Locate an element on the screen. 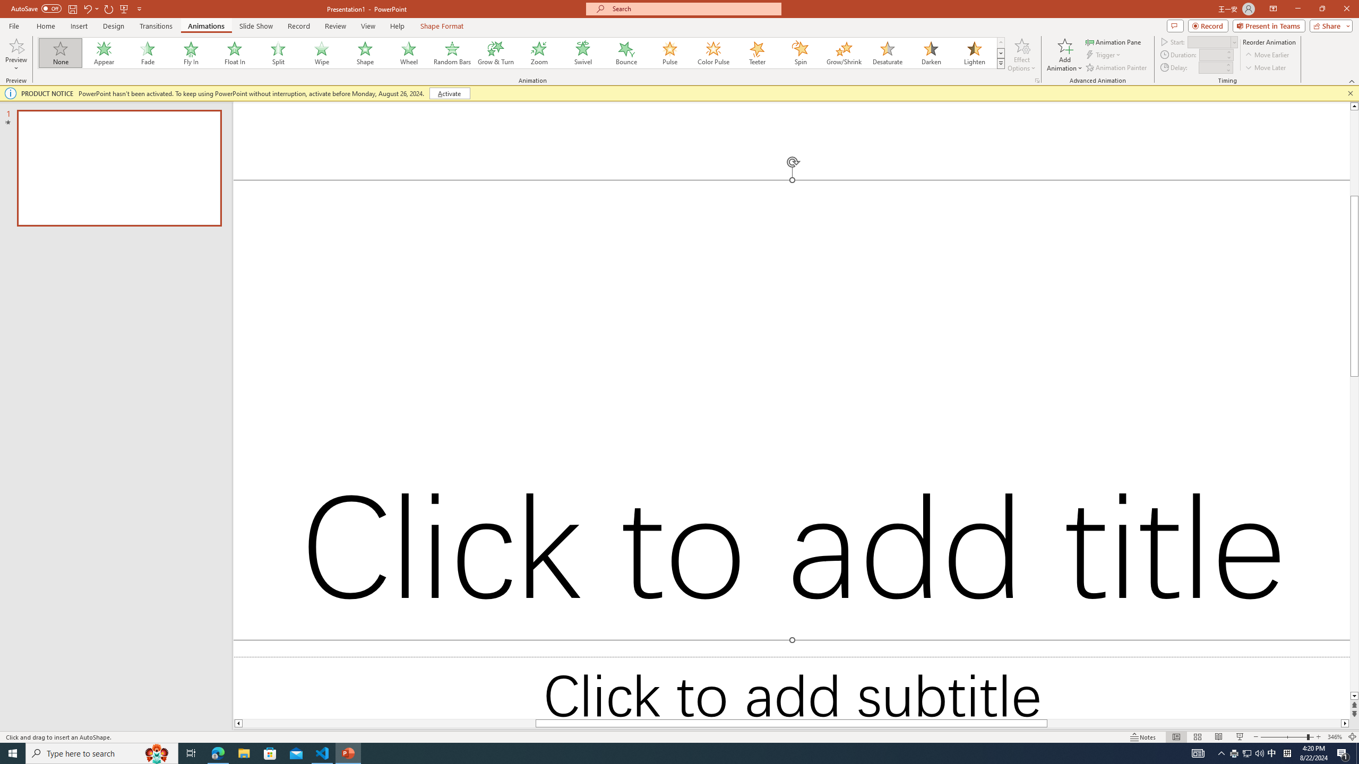 Image resolution: width=1359 pixels, height=764 pixels. 'Float In' is located at coordinates (234, 53).